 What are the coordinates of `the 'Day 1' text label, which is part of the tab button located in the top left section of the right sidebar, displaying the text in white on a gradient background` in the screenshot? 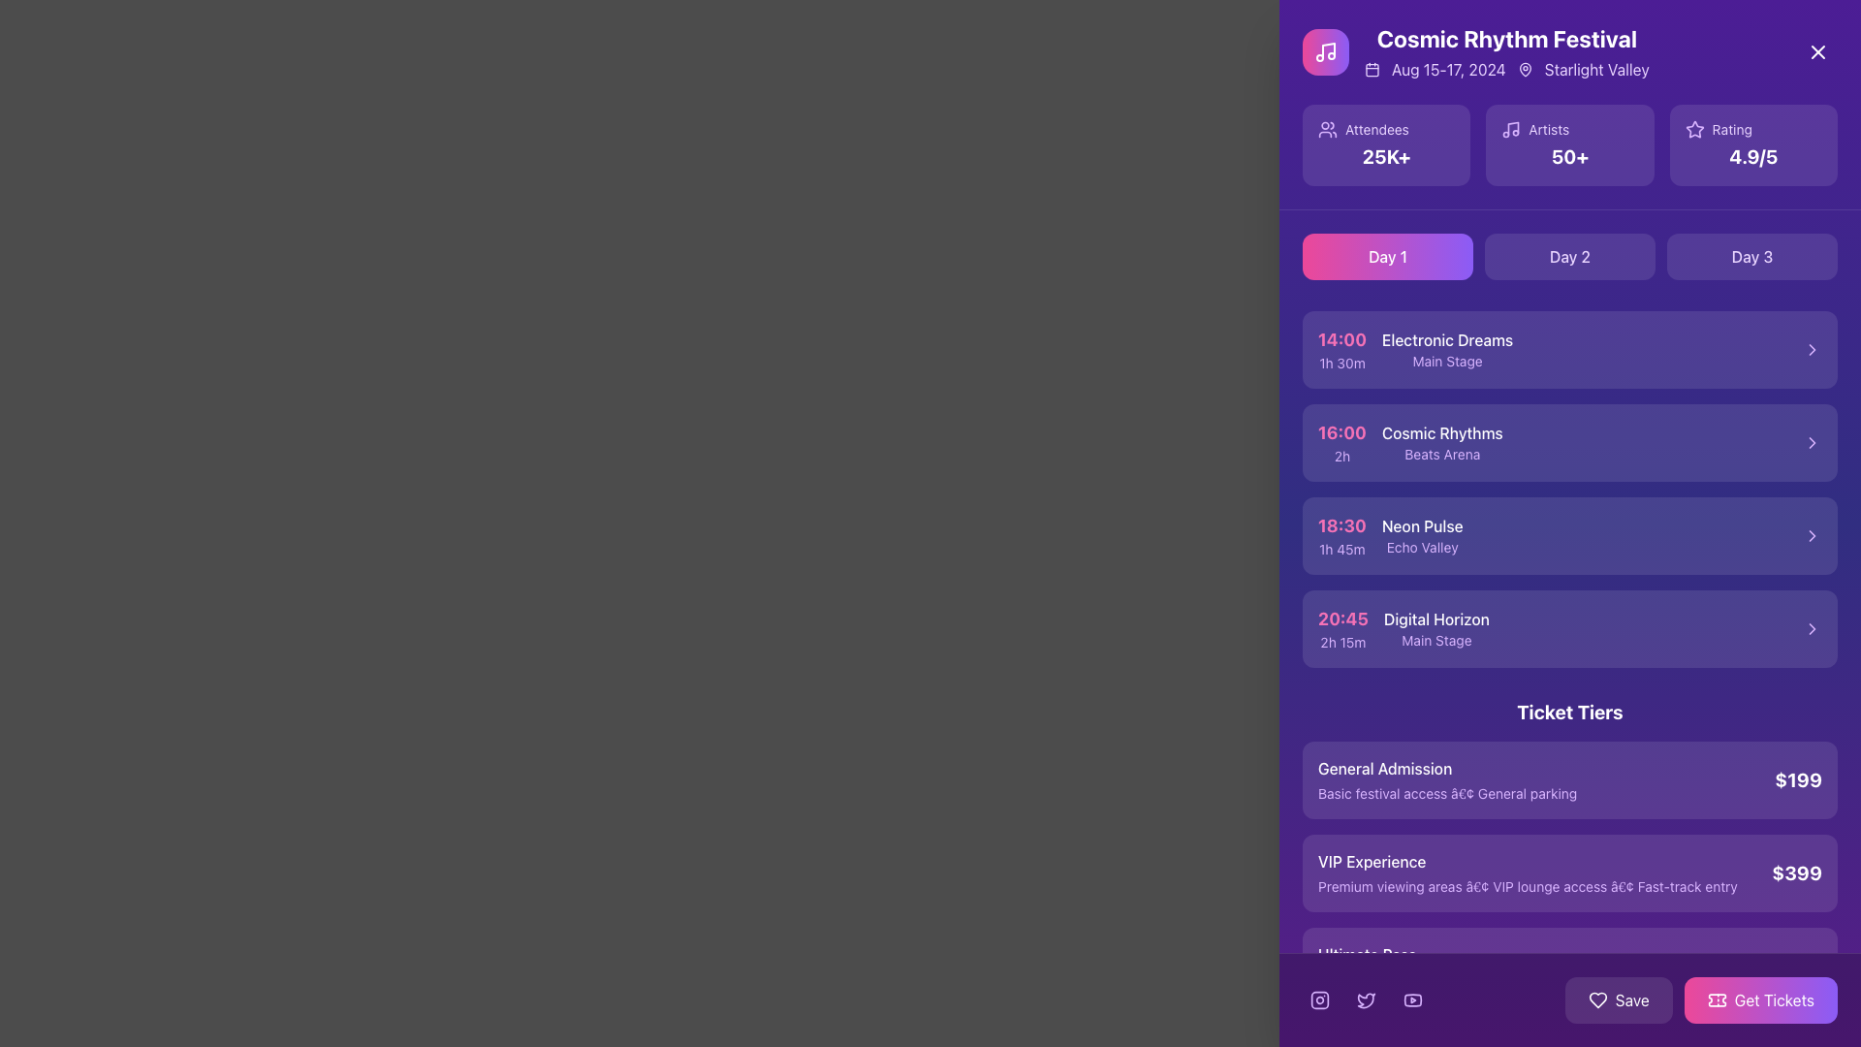 It's located at (1386, 256).